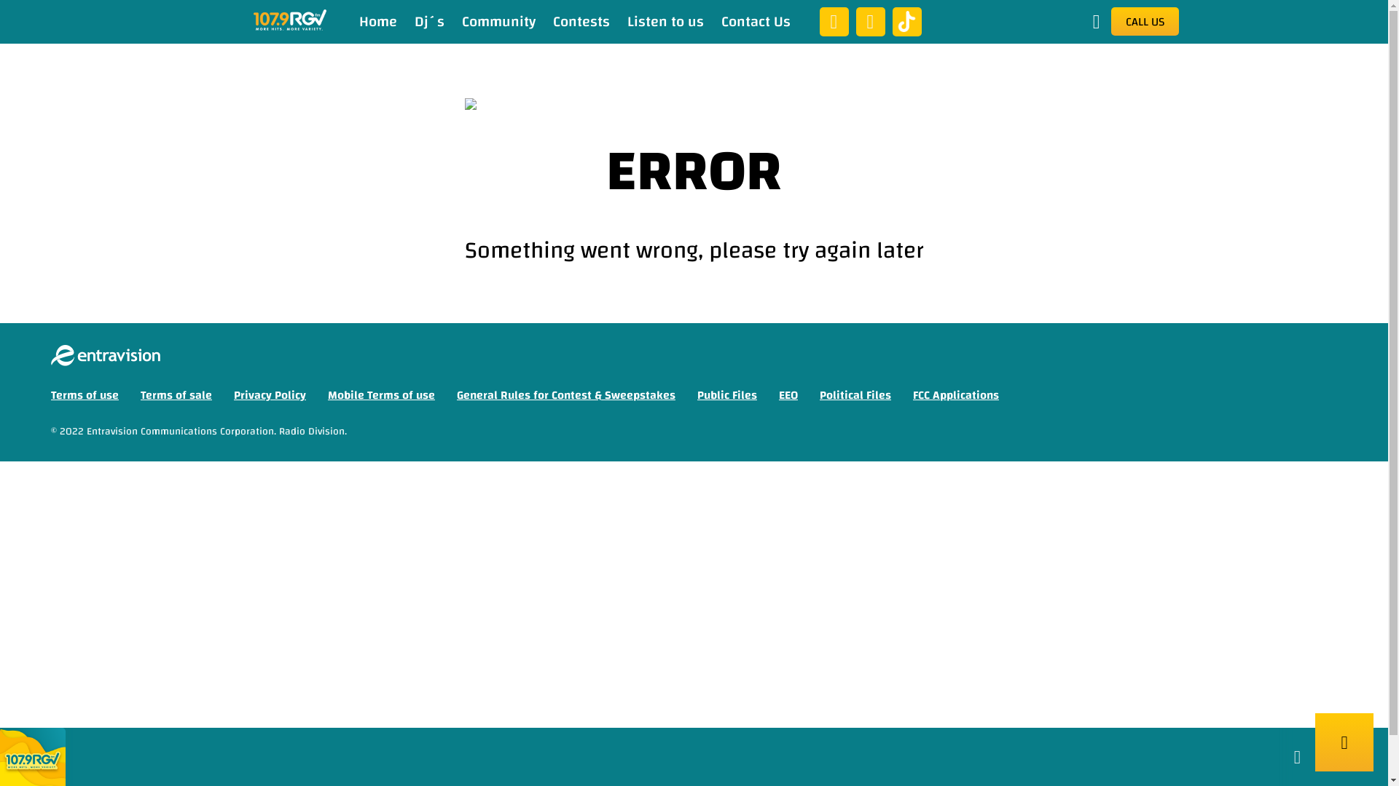 This screenshot has width=1399, height=786. Describe the element at coordinates (1143, 22) in the screenshot. I see `'CALL US'` at that location.